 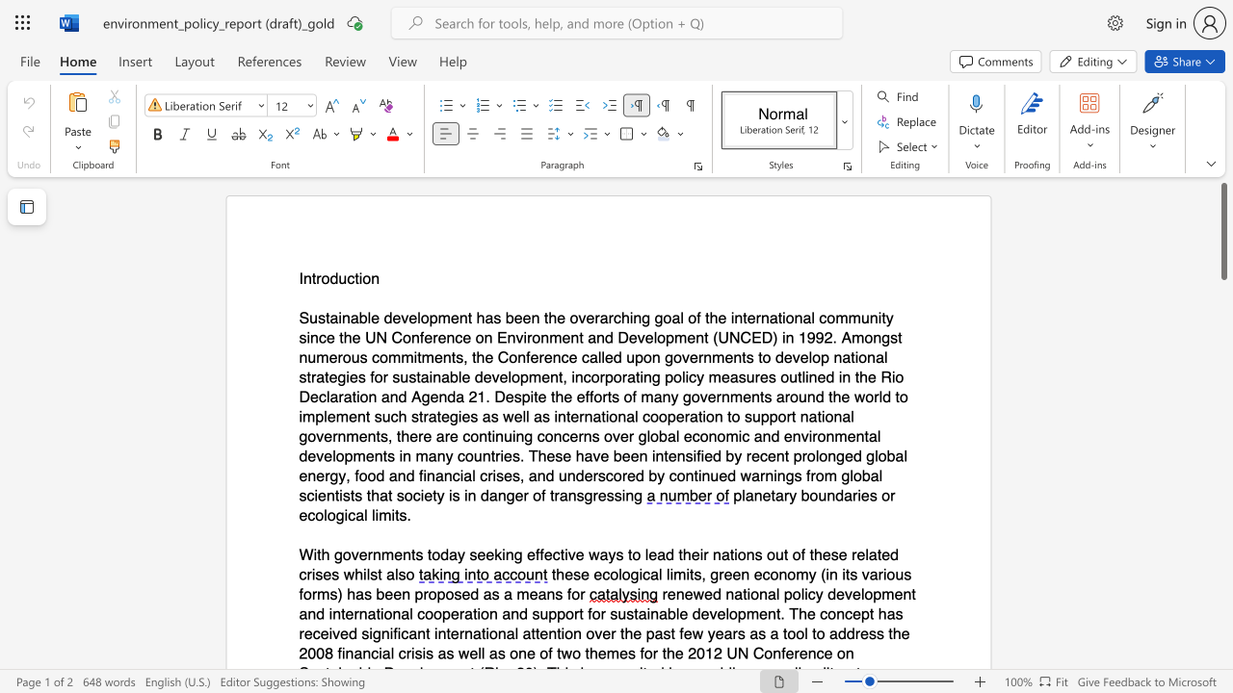 I want to click on the scrollbar to scroll the page down, so click(x=1222, y=520).